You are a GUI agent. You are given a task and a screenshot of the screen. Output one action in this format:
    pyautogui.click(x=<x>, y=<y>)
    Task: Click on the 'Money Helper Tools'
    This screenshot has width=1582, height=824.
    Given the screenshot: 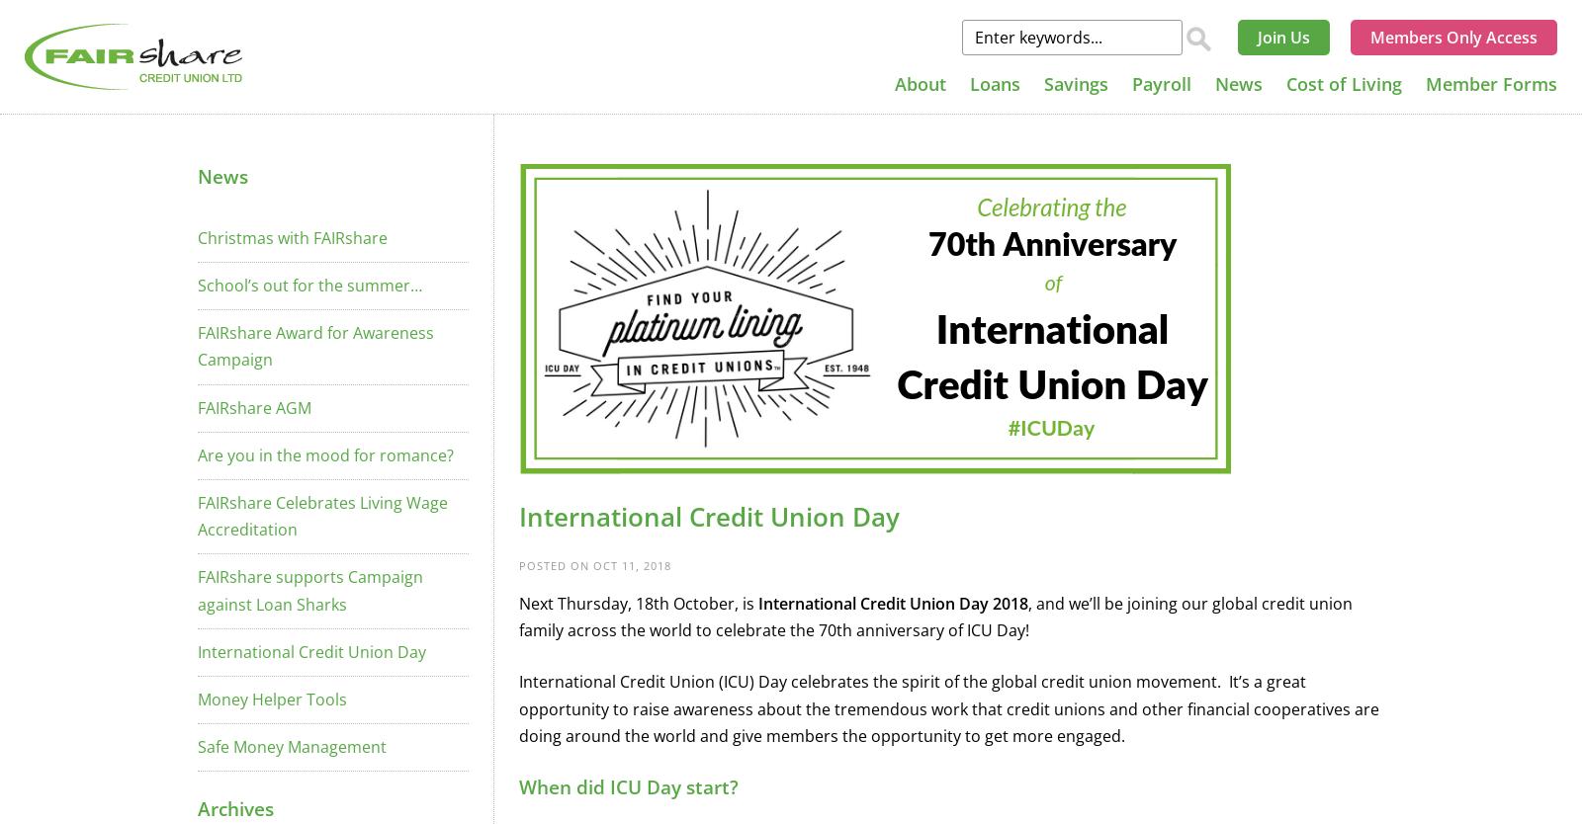 What is the action you would take?
    pyautogui.click(x=272, y=698)
    